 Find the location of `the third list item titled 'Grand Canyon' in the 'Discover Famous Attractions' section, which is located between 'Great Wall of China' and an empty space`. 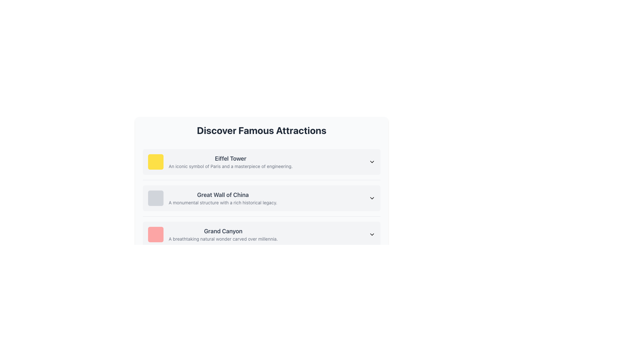

the third list item titled 'Grand Canyon' in the 'Discover Famous Attractions' section, which is located between 'Great Wall of China' and an empty space is located at coordinates (213, 234).